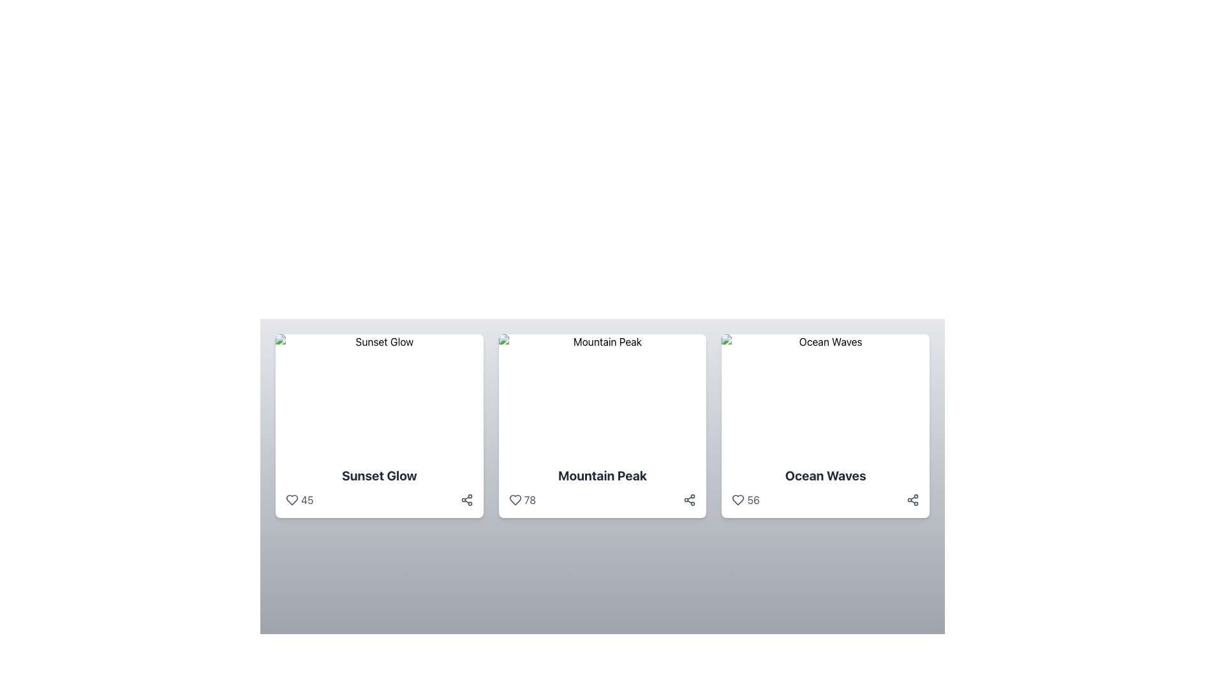 The height and width of the screenshot is (689, 1225). I want to click on text content of the title 'Ocean Waves' displayed in large, bold, dark-gray text at the bottom-center of the rightmost card, so click(826, 475).